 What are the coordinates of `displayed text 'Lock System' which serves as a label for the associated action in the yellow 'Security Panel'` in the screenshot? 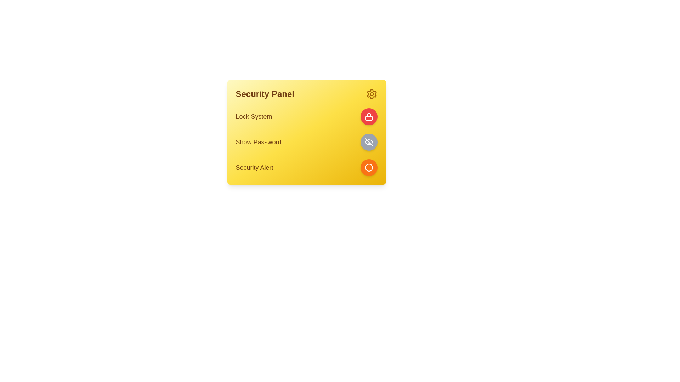 It's located at (254, 116).